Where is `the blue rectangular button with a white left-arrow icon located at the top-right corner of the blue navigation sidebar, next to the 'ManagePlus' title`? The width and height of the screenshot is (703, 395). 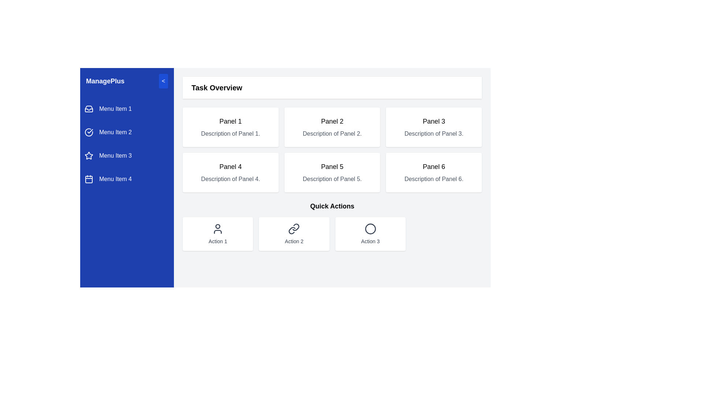 the blue rectangular button with a white left-arrow icon located at the top-right corner of the blue navigation sidebar, next to the 'ManagePlus' title is located at coordinates (163, 81).